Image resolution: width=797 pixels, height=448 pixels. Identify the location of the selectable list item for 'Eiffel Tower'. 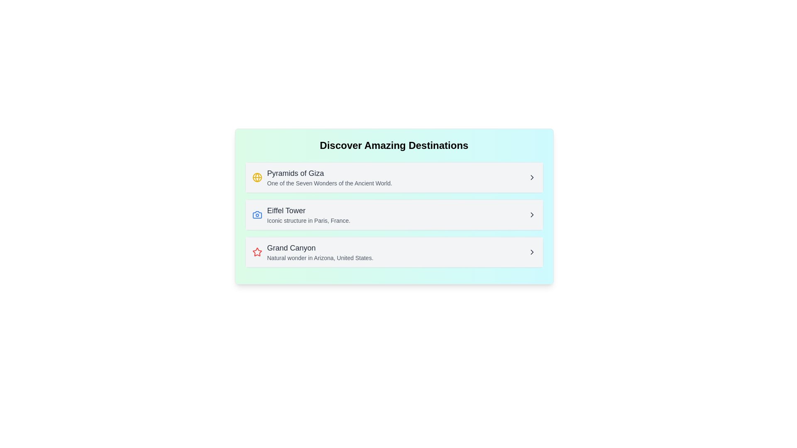
(394, 214).